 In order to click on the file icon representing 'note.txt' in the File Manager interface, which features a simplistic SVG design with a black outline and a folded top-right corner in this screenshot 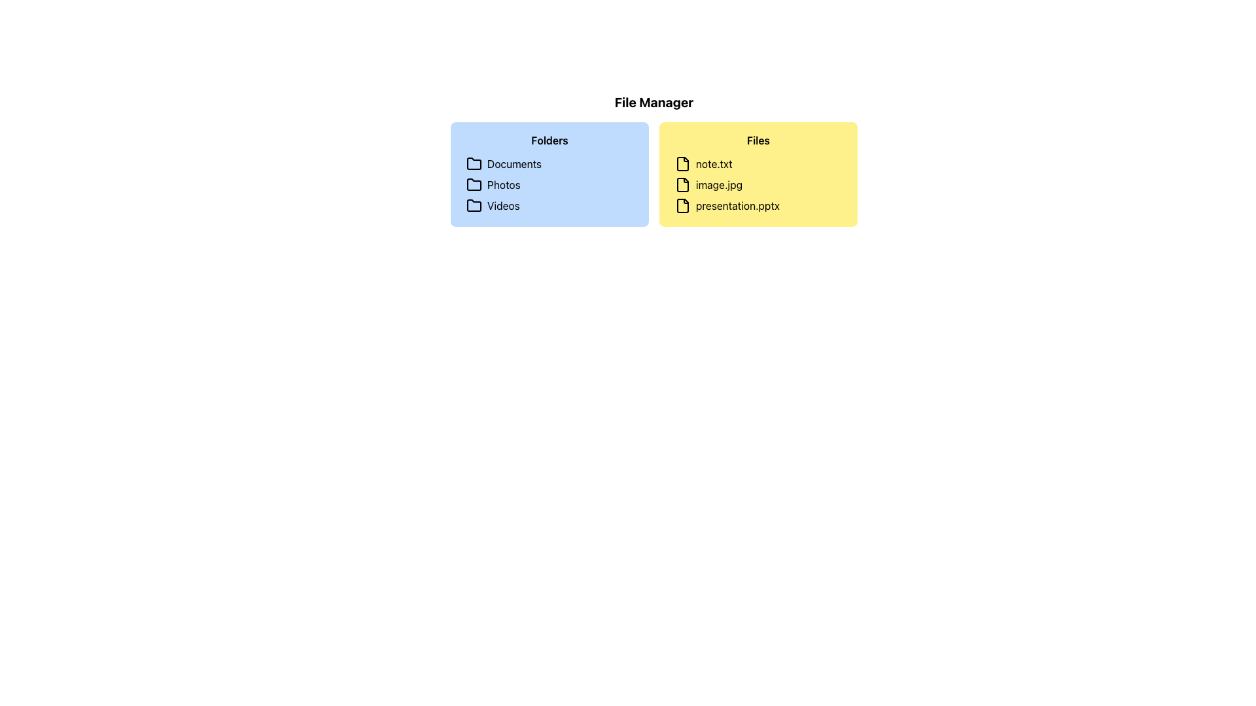, I will do `click(682, 163)`.